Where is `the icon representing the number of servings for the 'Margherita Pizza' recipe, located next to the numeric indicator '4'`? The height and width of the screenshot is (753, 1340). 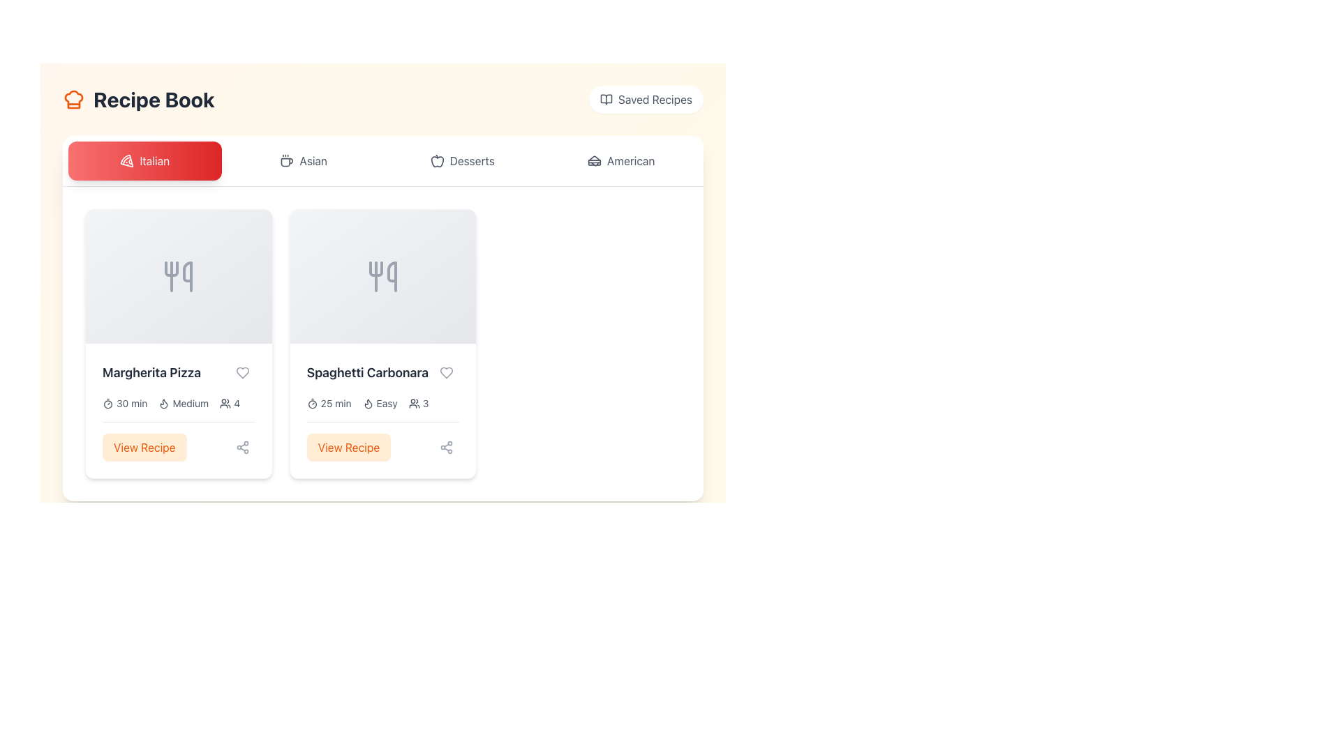 the icon representing the number of servings for the 'Margherita Pizza' recipe, located next to the numeric indicator '4' is located at coordinates (225, 403).